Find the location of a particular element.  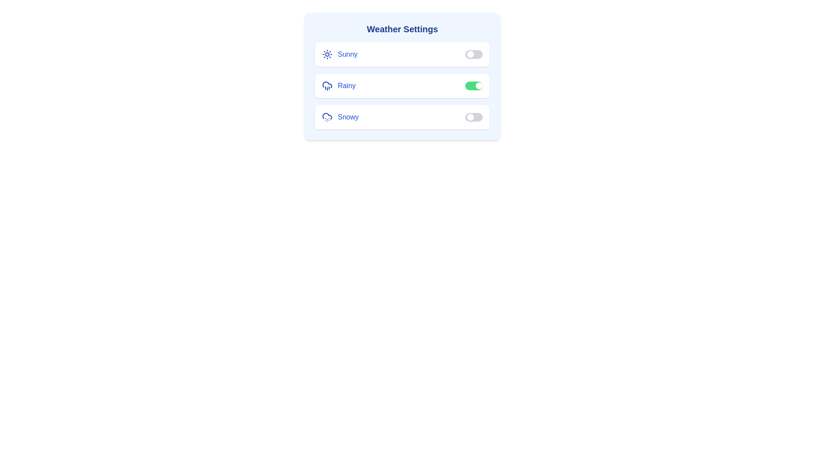

the descriptive text label for the 'Sunny' weather option, which is positioned between the sun icon and the toggle switch in the 'Weather Settings' section is located at coordinates (347, 54).